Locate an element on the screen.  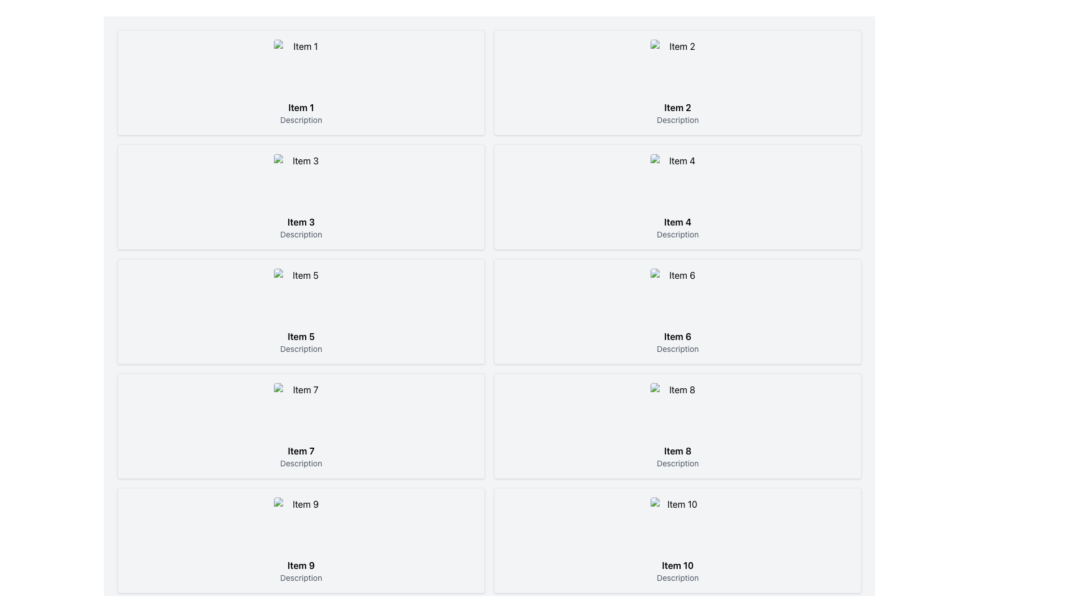
the Card element labeled 'Item 5', which is the fifth card in a 2-column grid layout located in the third row and first column is located at coordinates (301, 312).